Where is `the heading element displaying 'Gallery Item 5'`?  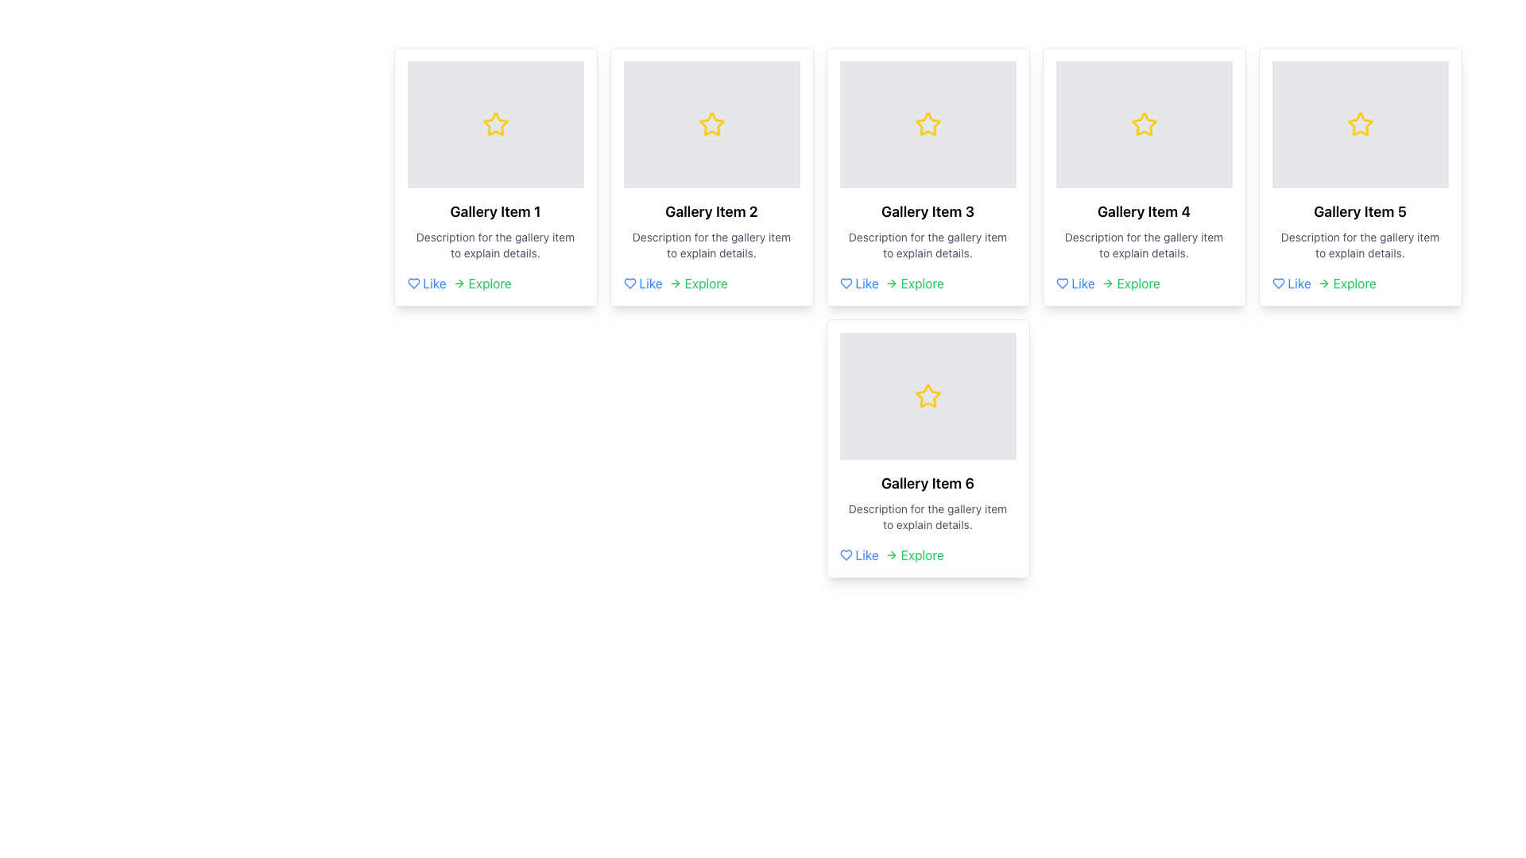
the heading element displaying 'Gallery Item 5' is located at coordinates (1359, 211).